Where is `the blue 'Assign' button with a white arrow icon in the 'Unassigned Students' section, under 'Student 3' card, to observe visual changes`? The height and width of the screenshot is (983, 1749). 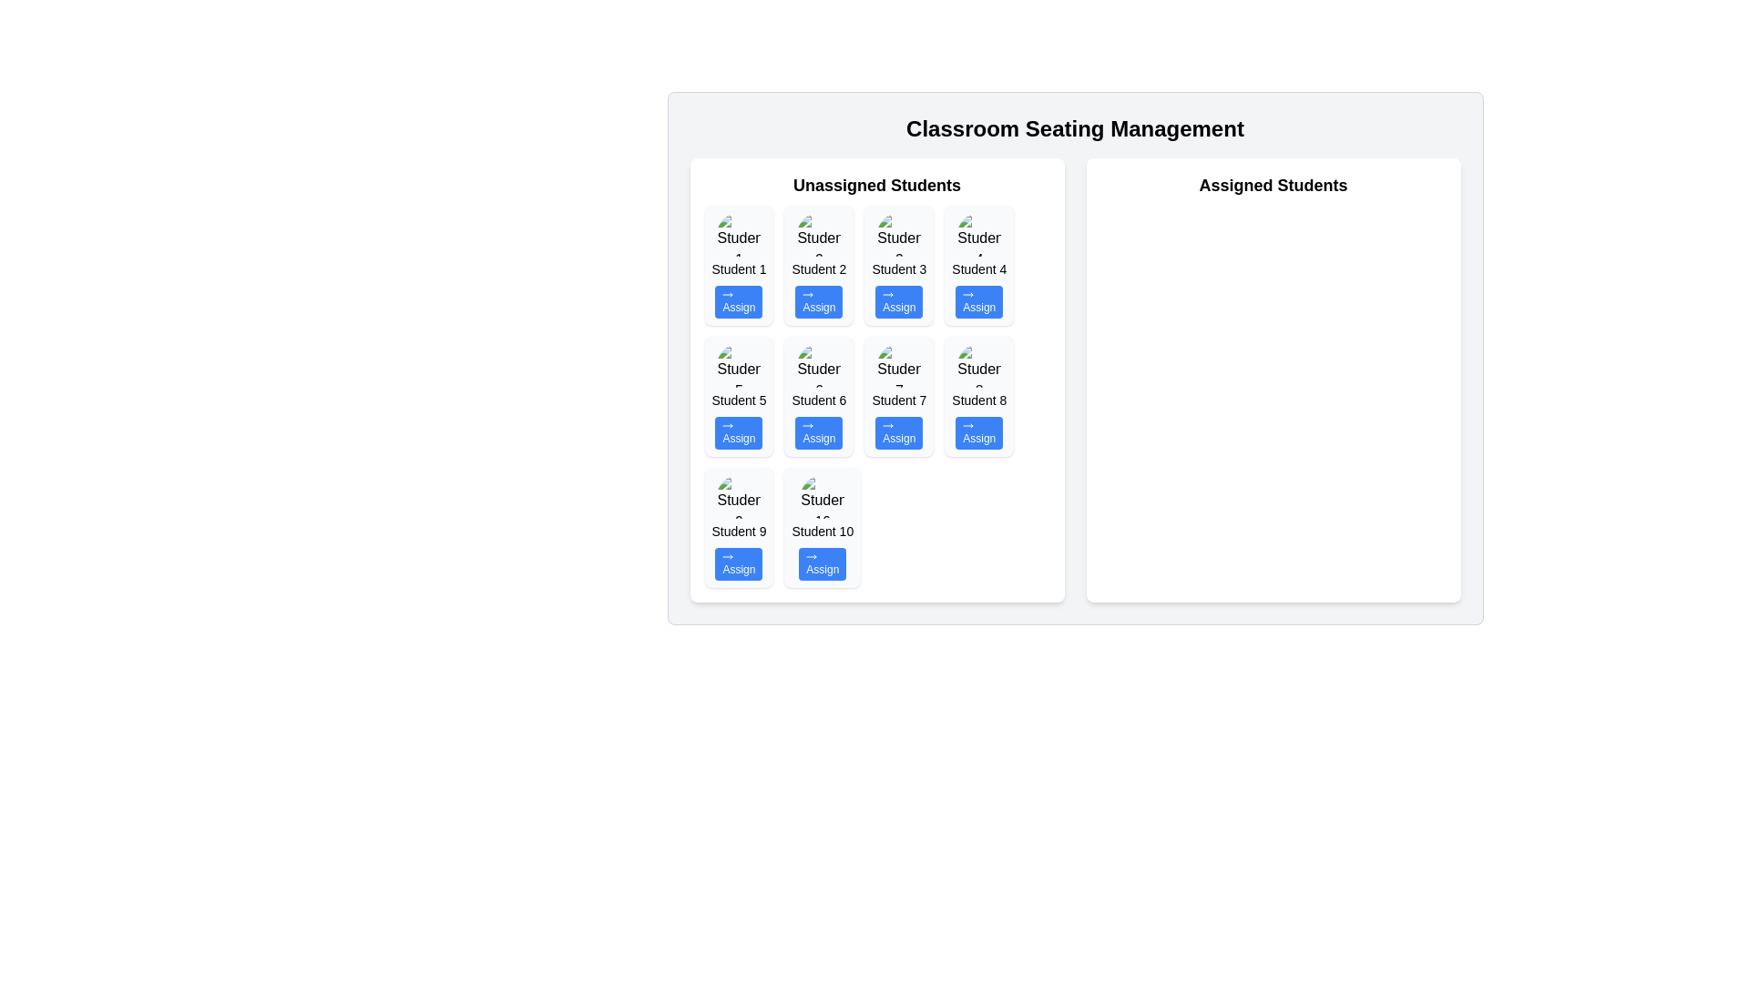
the blue 'Assign' button with a white arrow icon in the 'Unassigned Students' section, under 'Student 3' card, to observe visual changes is located at coordinates (899, 300).